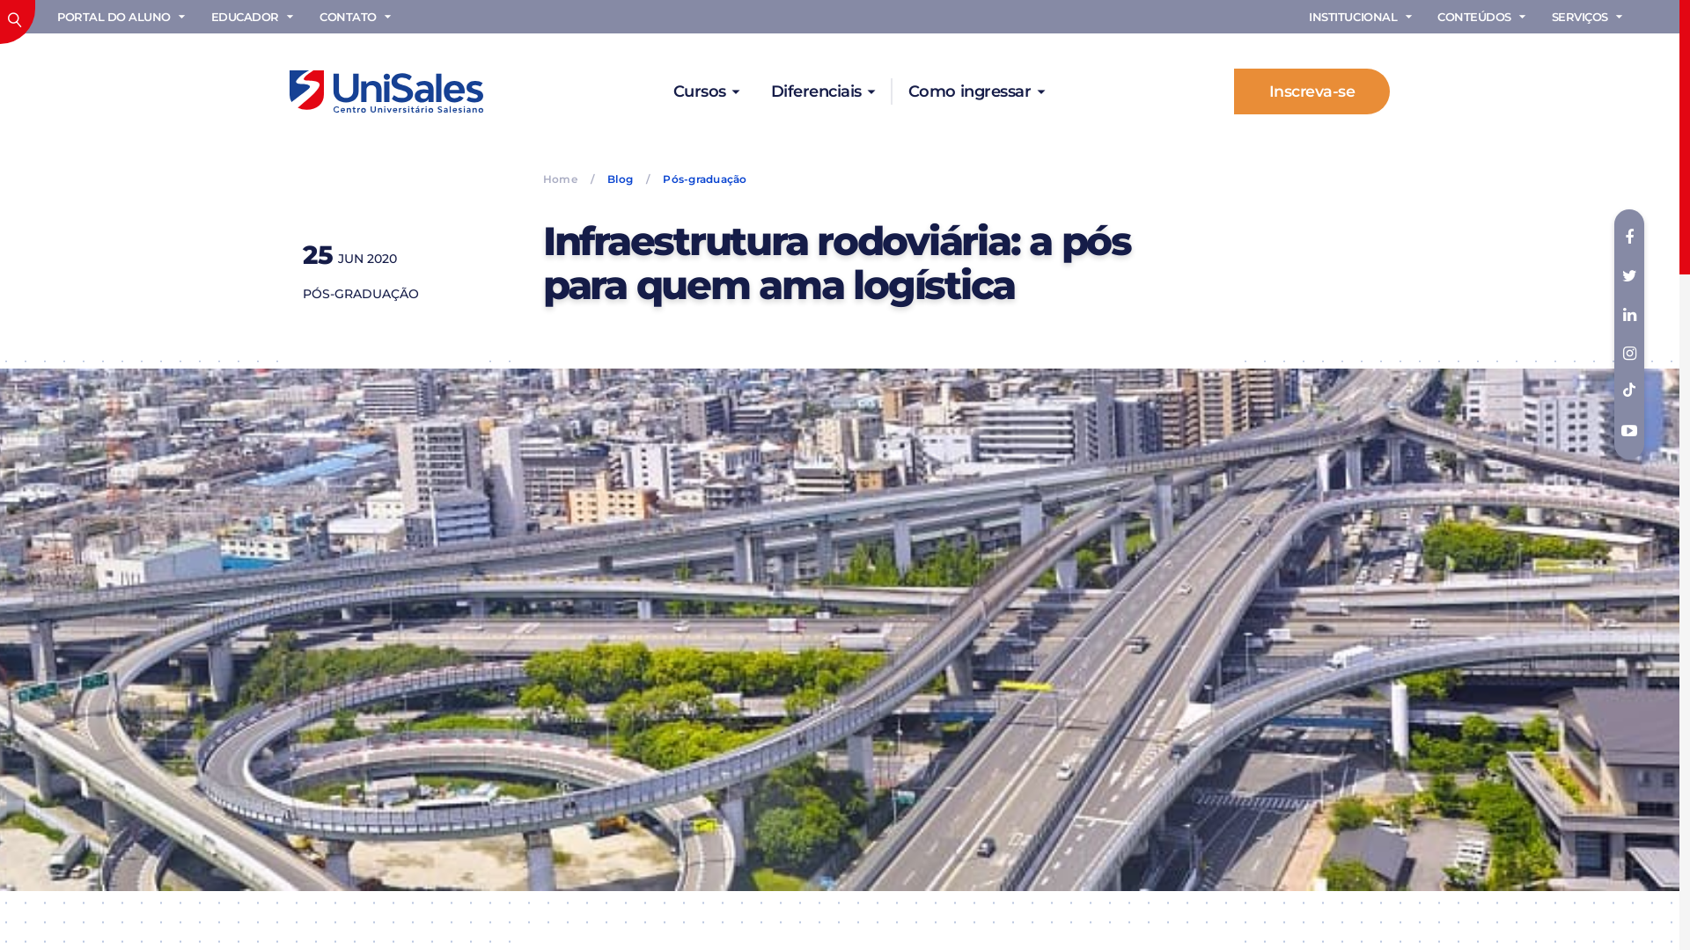 The width and height of the screenshot is (1690, 950). I want to click on 'EDUCADOR', so click(253, 17).